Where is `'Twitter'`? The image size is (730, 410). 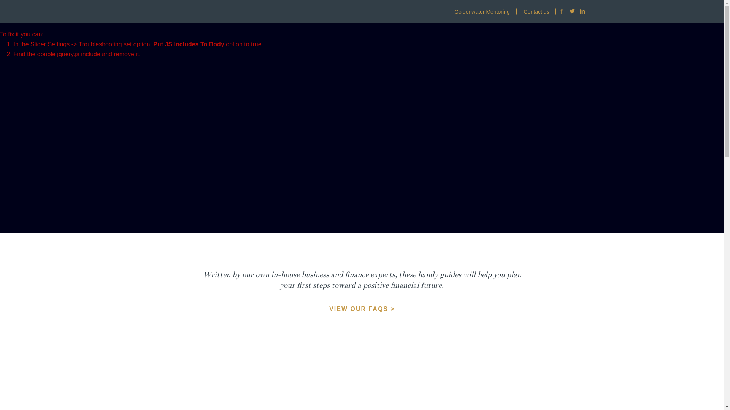
'Twitter' is located at coordinates (572, 11).